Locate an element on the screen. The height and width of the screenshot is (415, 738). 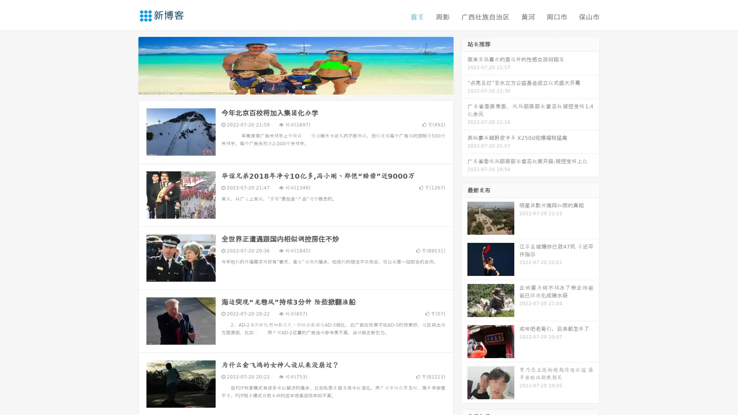
Go to slide 3 is located at coordinates (303, 86).